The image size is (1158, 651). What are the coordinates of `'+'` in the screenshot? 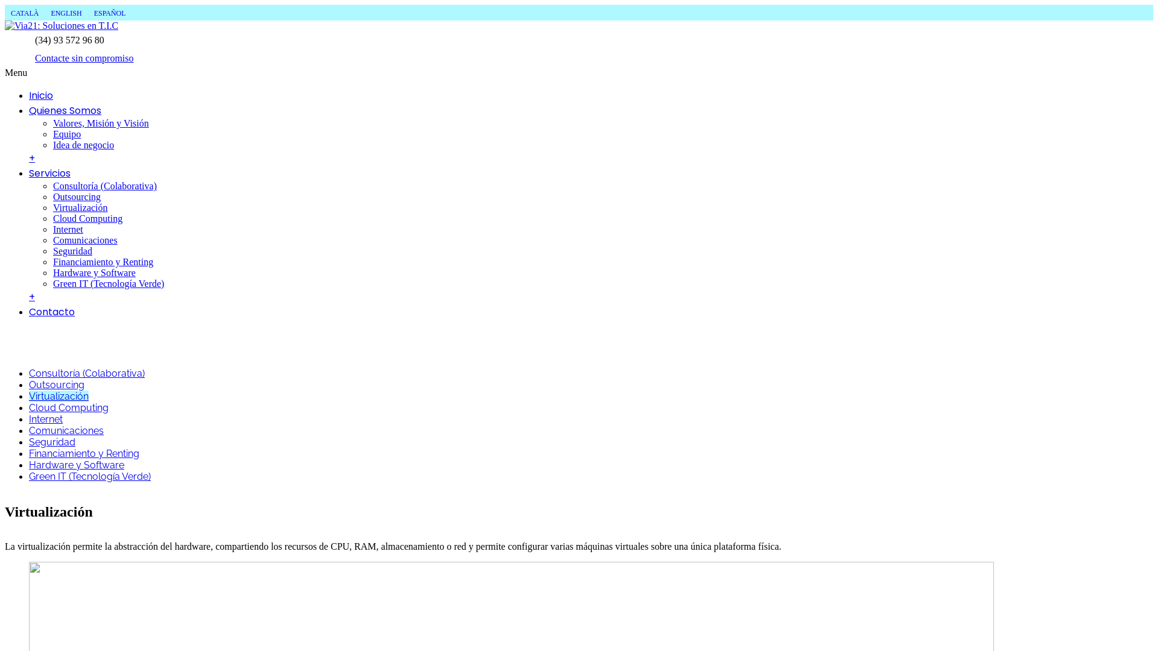 It's located at (31, 157).